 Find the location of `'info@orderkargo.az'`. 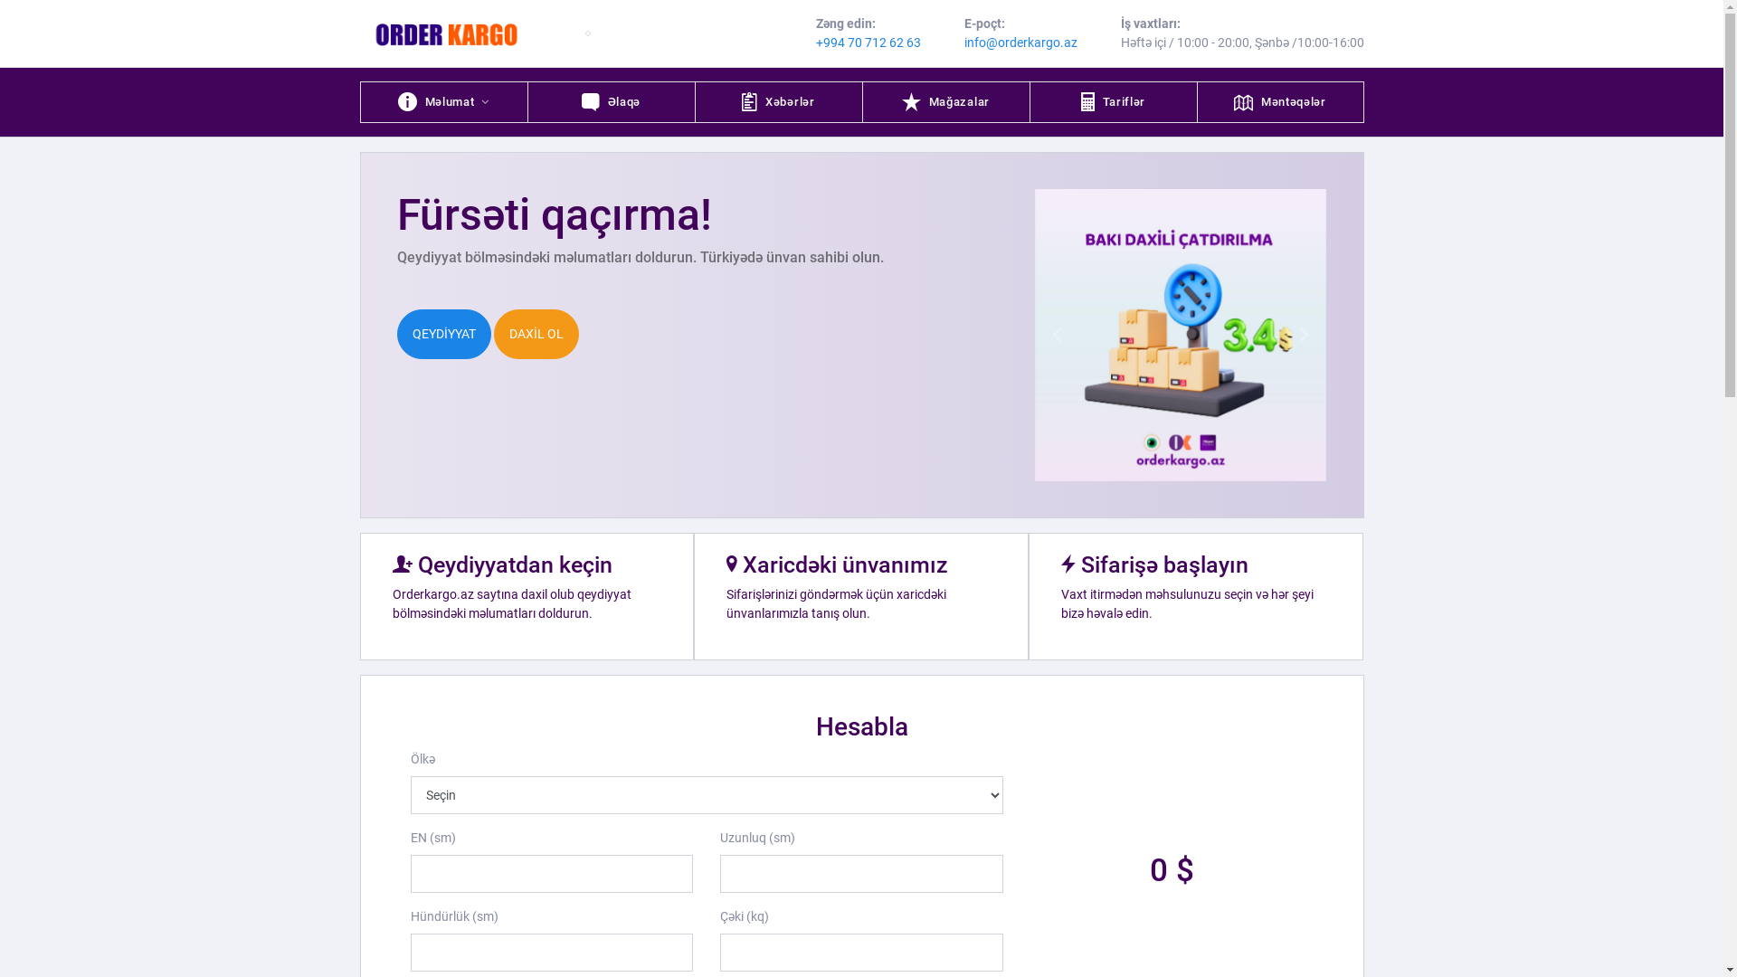

'info@orderkargo.az' is located at coordinates (1020, 41).